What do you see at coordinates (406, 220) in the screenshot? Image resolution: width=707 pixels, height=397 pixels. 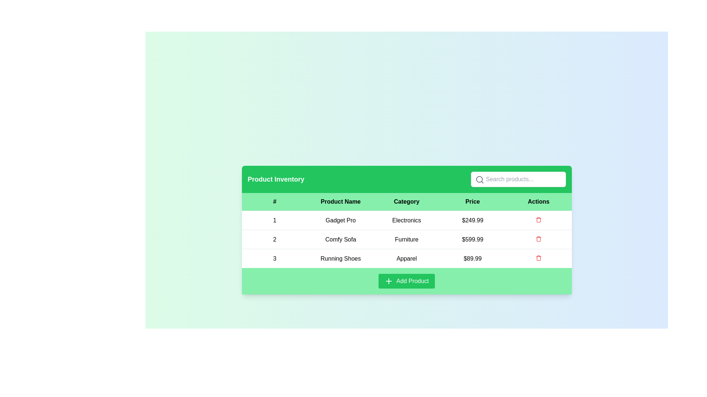 I see `the text element in the first table row that provides information about the product 'Gadget Pro' in the 'Product Inventory' table` at bounding box center [406, 220].